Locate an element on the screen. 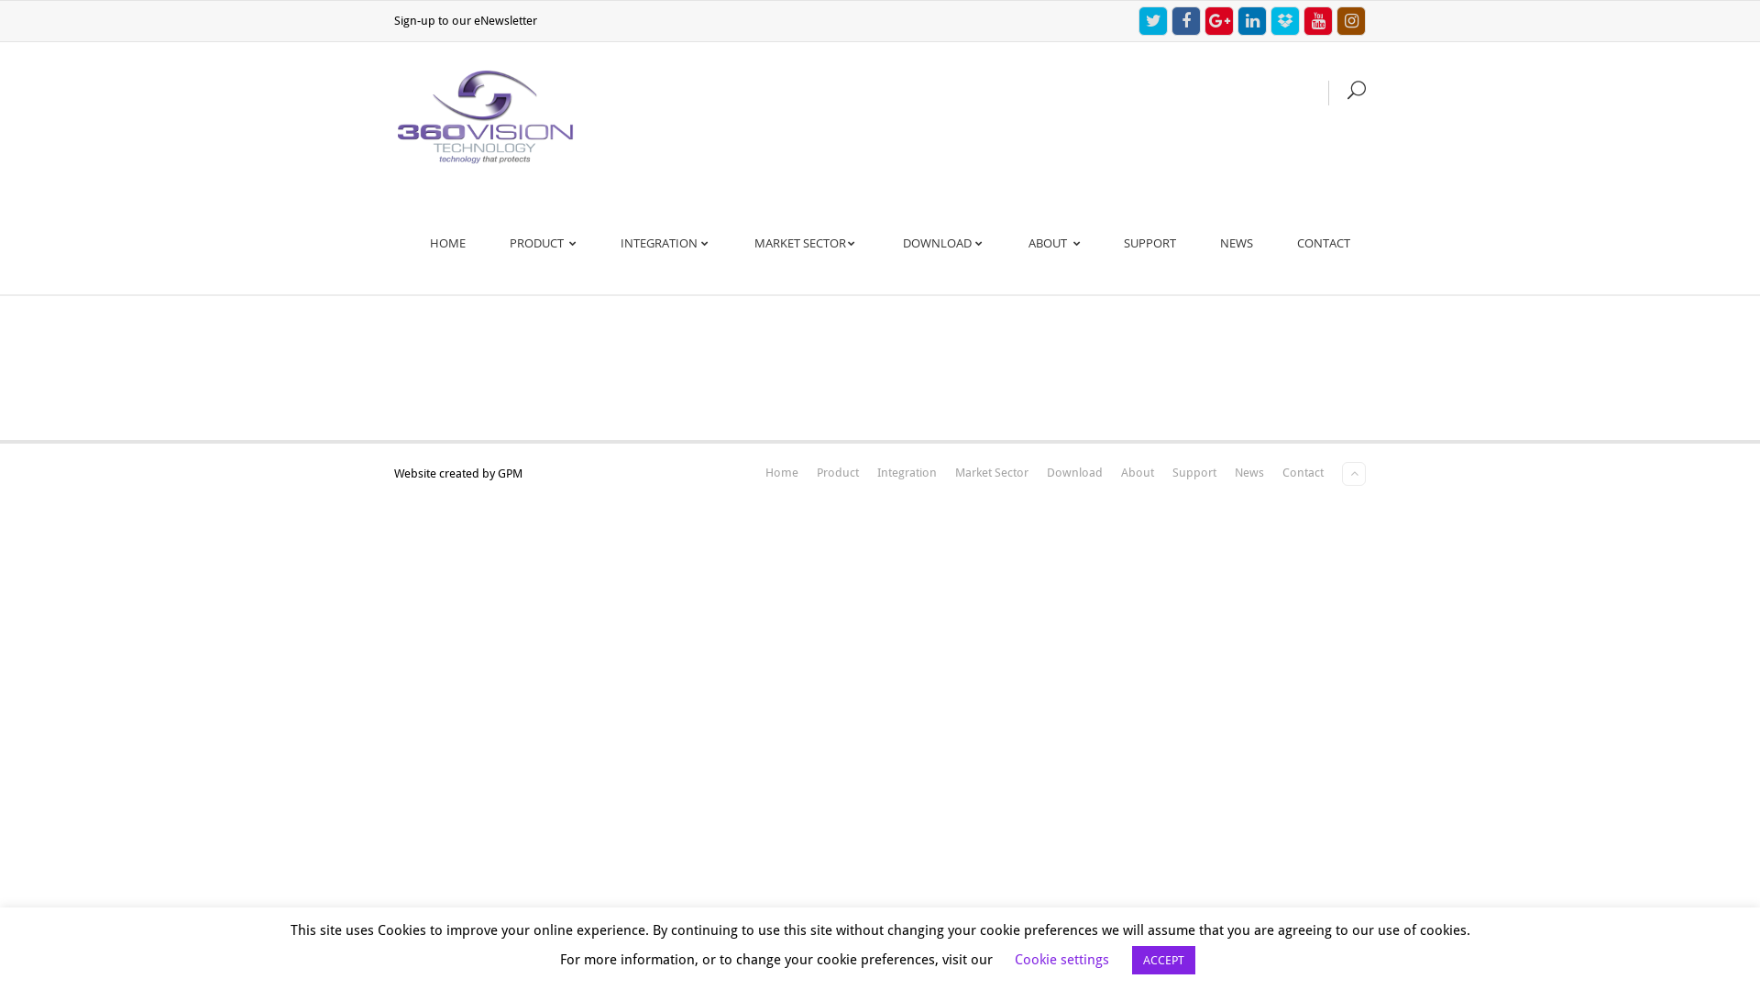 This screenshot has height=990, width=1760. 'News' is located at coordinates (1248, 471).